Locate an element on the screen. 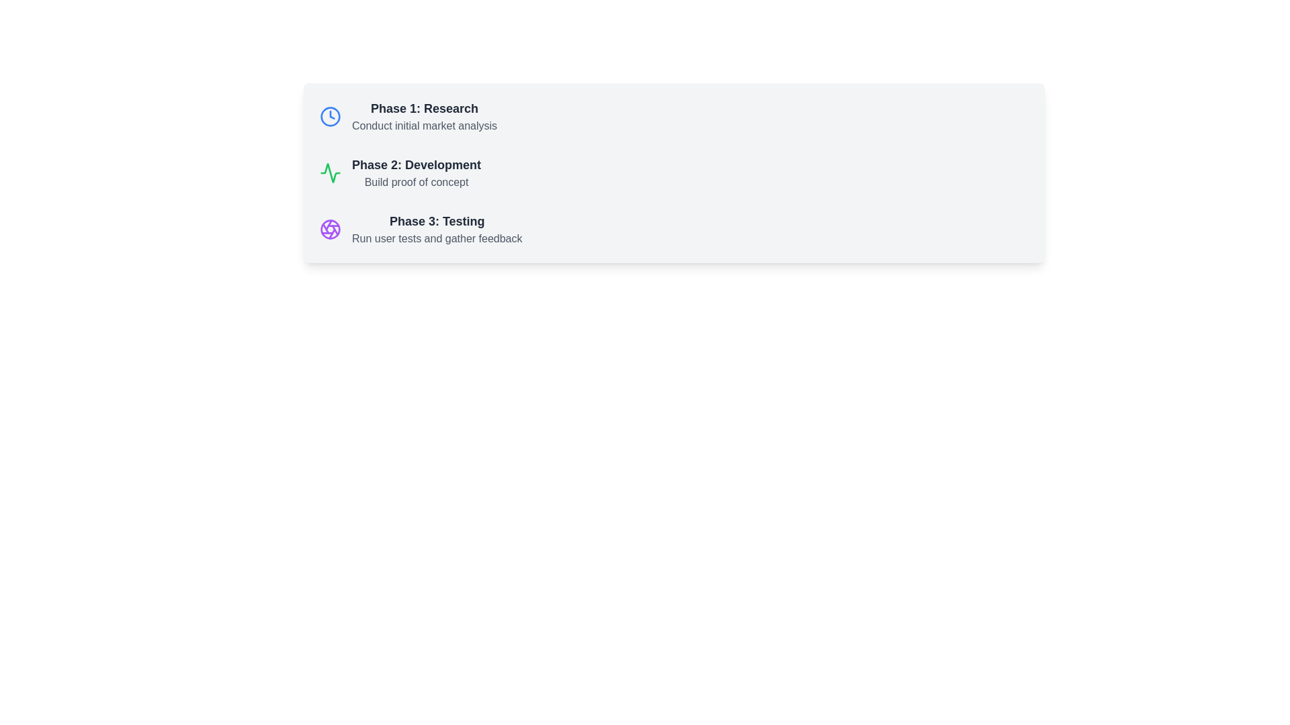  the graphical circle element within the SVG that is part of an illustrative icon located at the bottom of a card-like region is located at coordinates (330, 229).